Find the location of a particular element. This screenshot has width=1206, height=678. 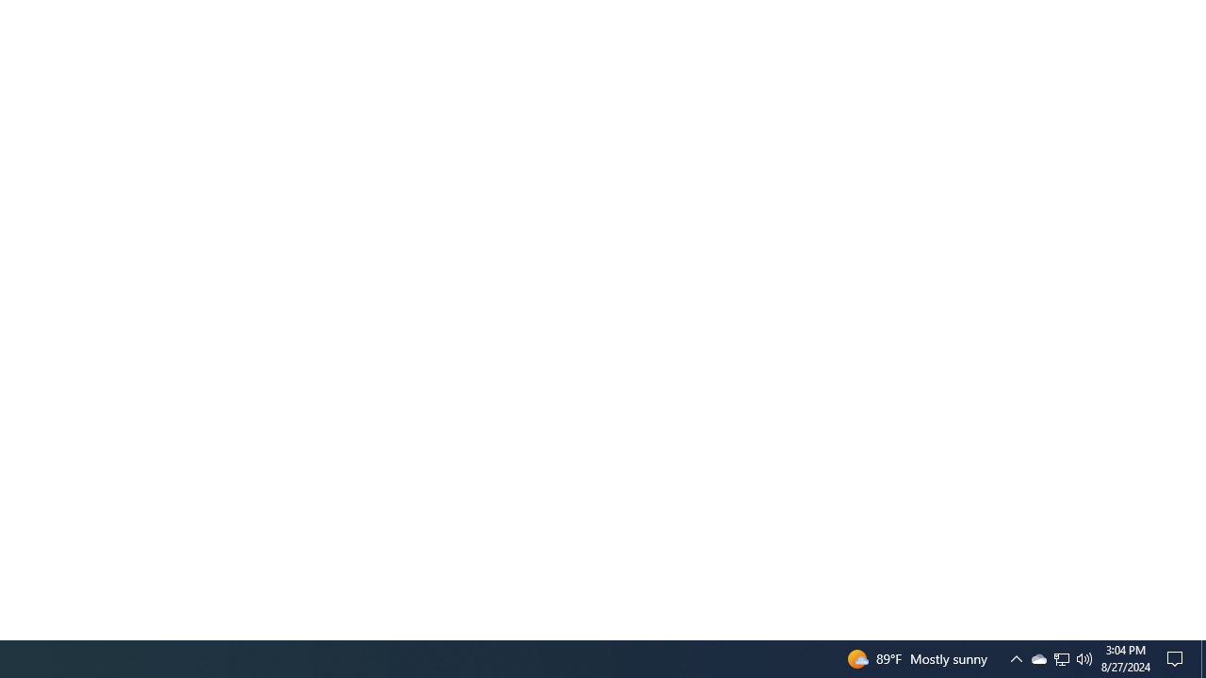

'User Promoted Notification Area' is located at coordinates (1037, 657).